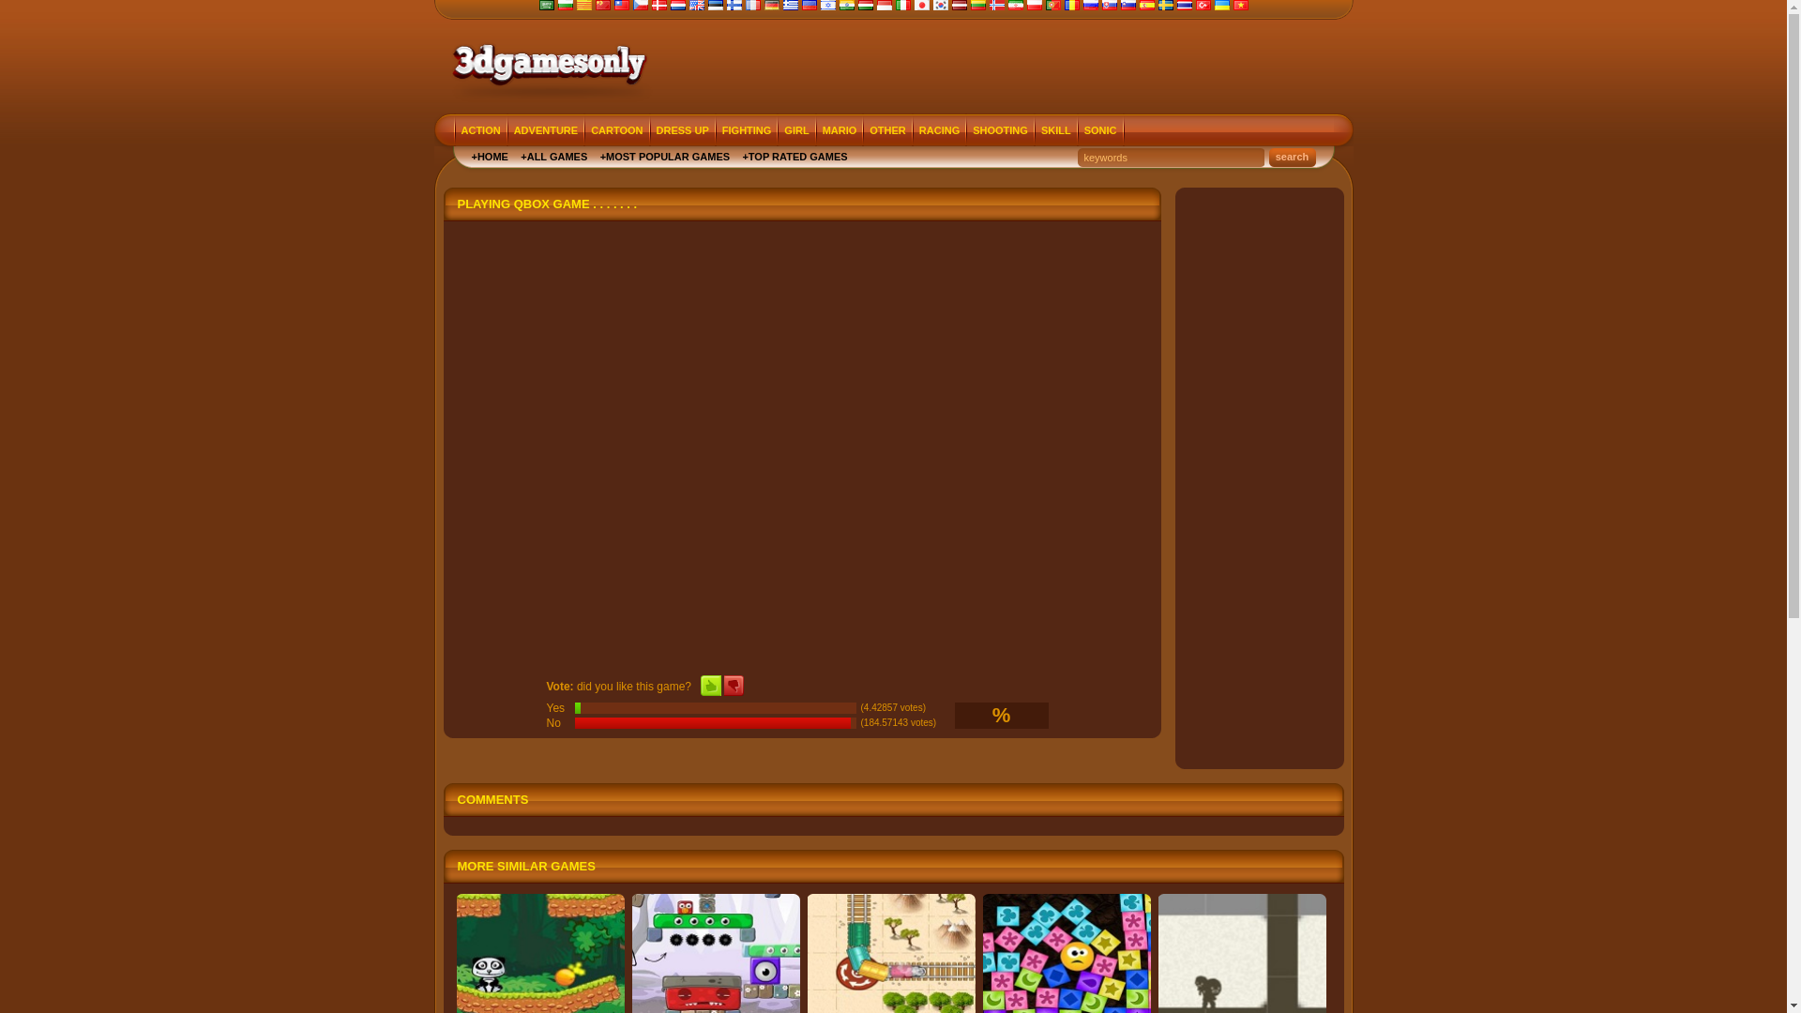 The width and height of the screenshot is (1801, 1013). I want to click on 'DRESS UP', so click(651, 129).